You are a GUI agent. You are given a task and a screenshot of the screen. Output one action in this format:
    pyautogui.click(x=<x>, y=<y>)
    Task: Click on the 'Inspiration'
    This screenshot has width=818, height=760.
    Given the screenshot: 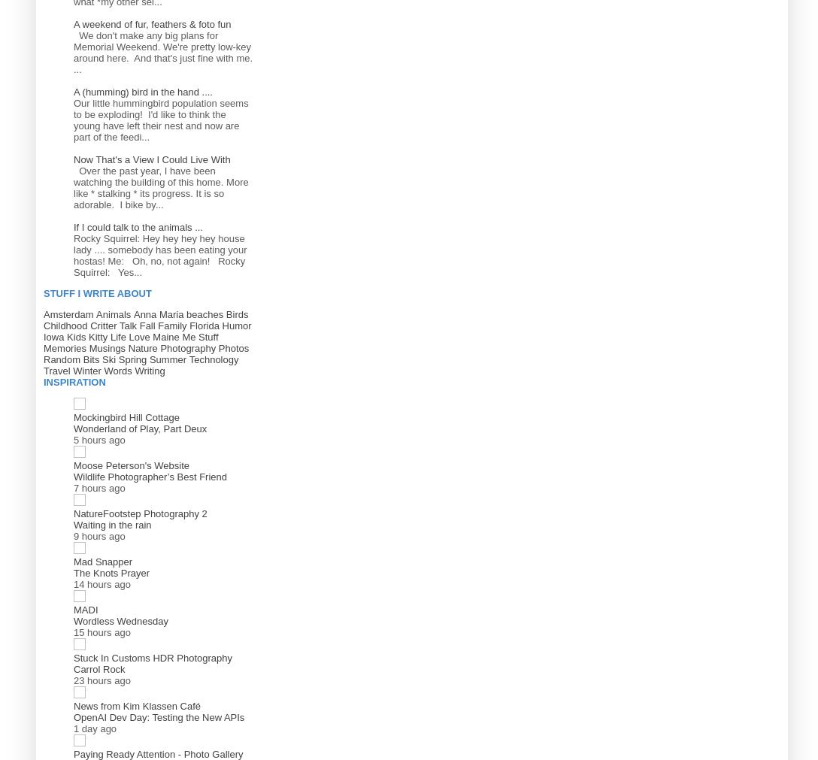 What is the action you would take?
    pyautogui.click(x=74, y=381)
    